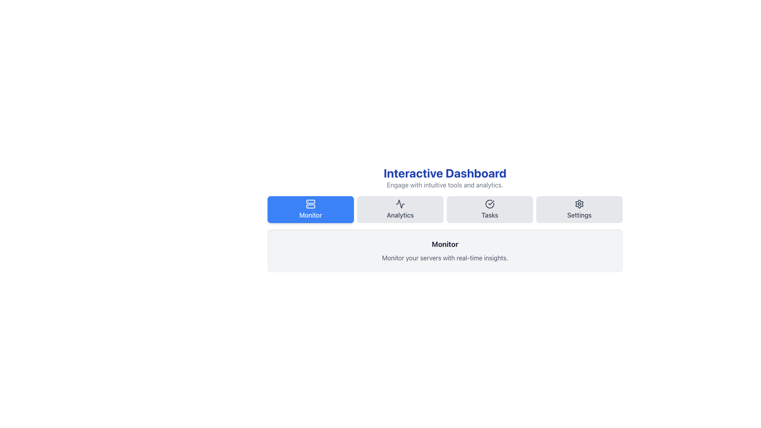  Describe the element at coordinates (310, 201) in the screenshot. I see `the blue rounded rectangle icon located to the left of the horizontal navigation bar, which is the topmost segment of a multi-part icon` at that location.